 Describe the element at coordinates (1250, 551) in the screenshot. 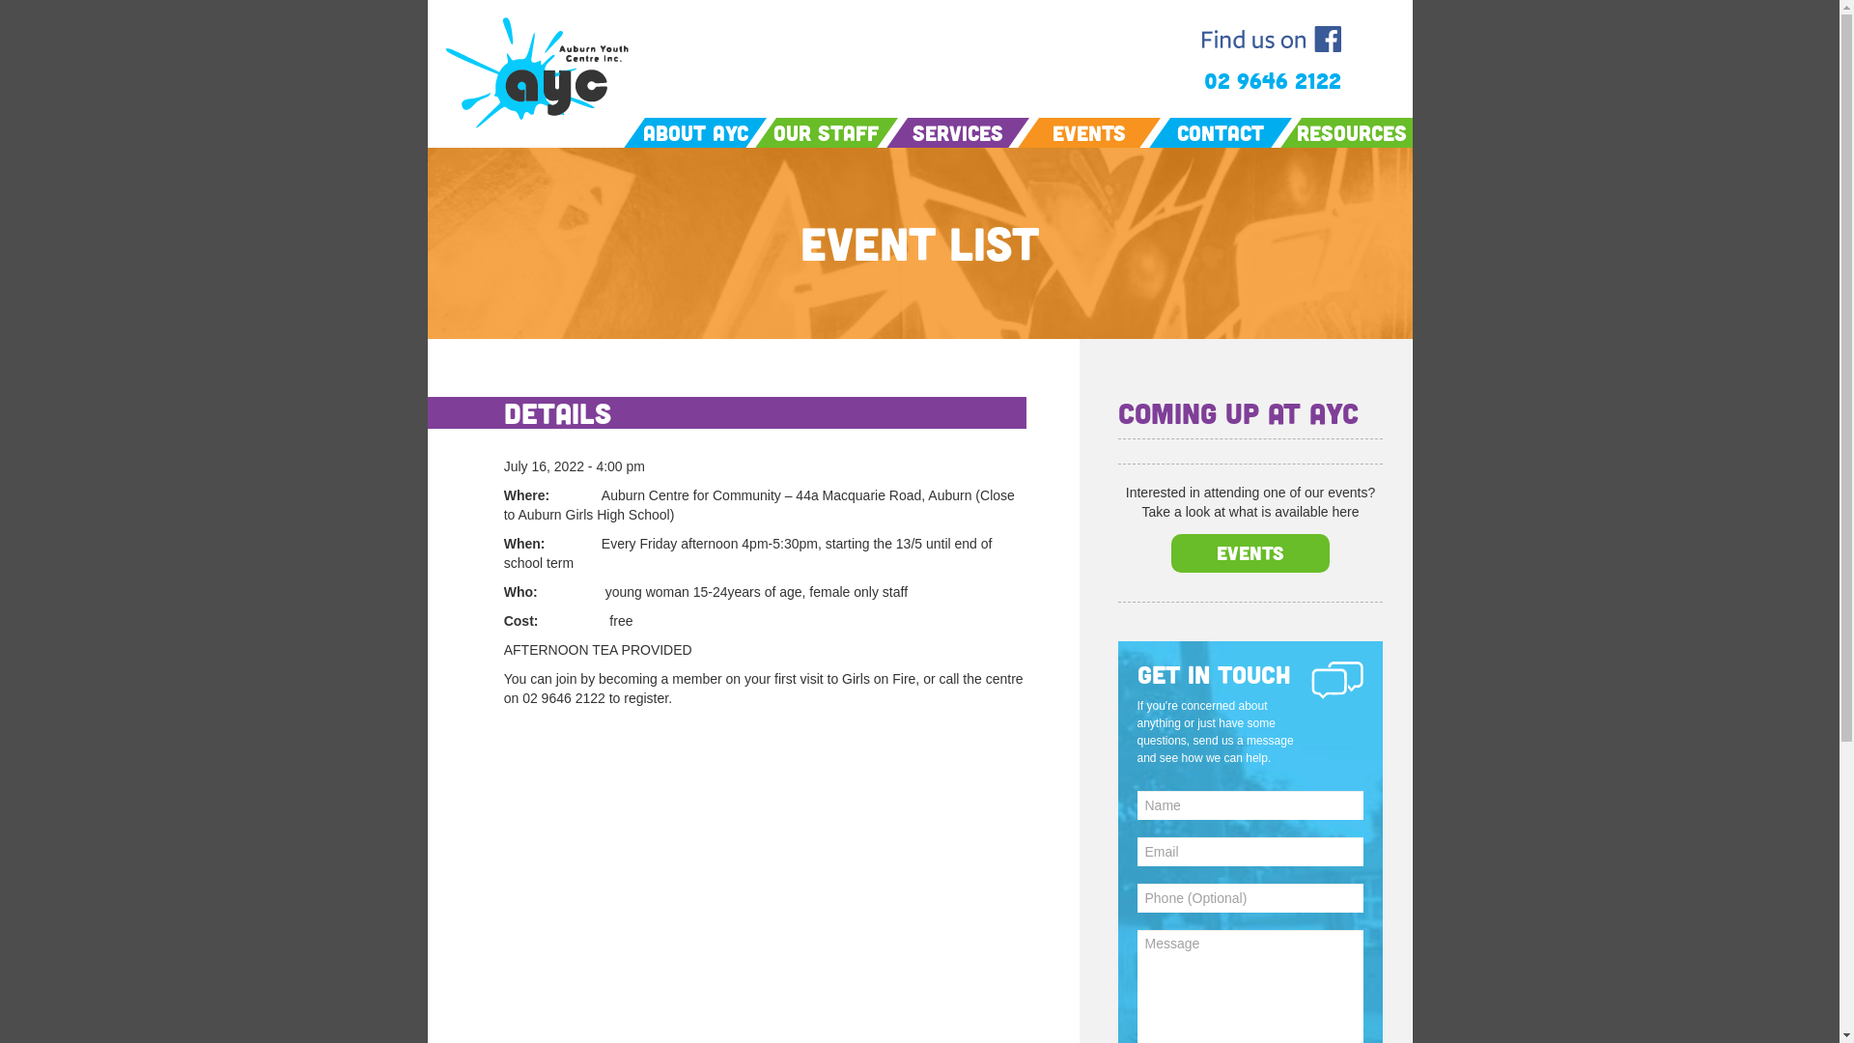

I see `'Events'` at that location.